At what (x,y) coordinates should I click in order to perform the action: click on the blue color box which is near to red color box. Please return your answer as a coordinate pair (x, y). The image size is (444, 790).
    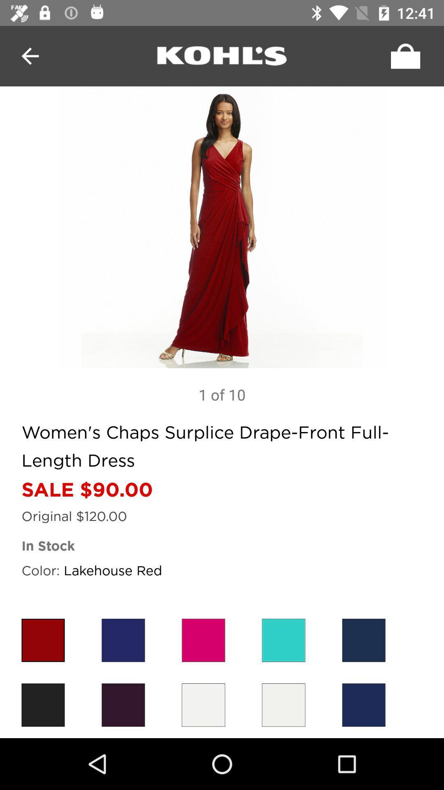
    Looking at the image, I should click on (123, 640).